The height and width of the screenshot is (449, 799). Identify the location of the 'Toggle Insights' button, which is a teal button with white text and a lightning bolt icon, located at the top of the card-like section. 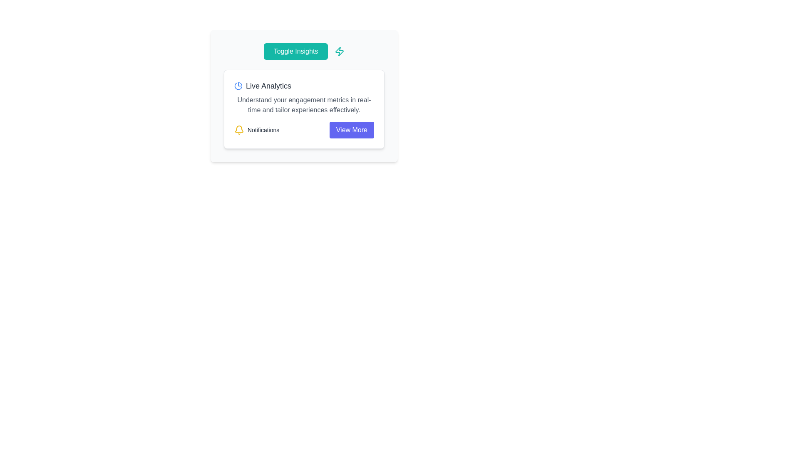
(303, 51).